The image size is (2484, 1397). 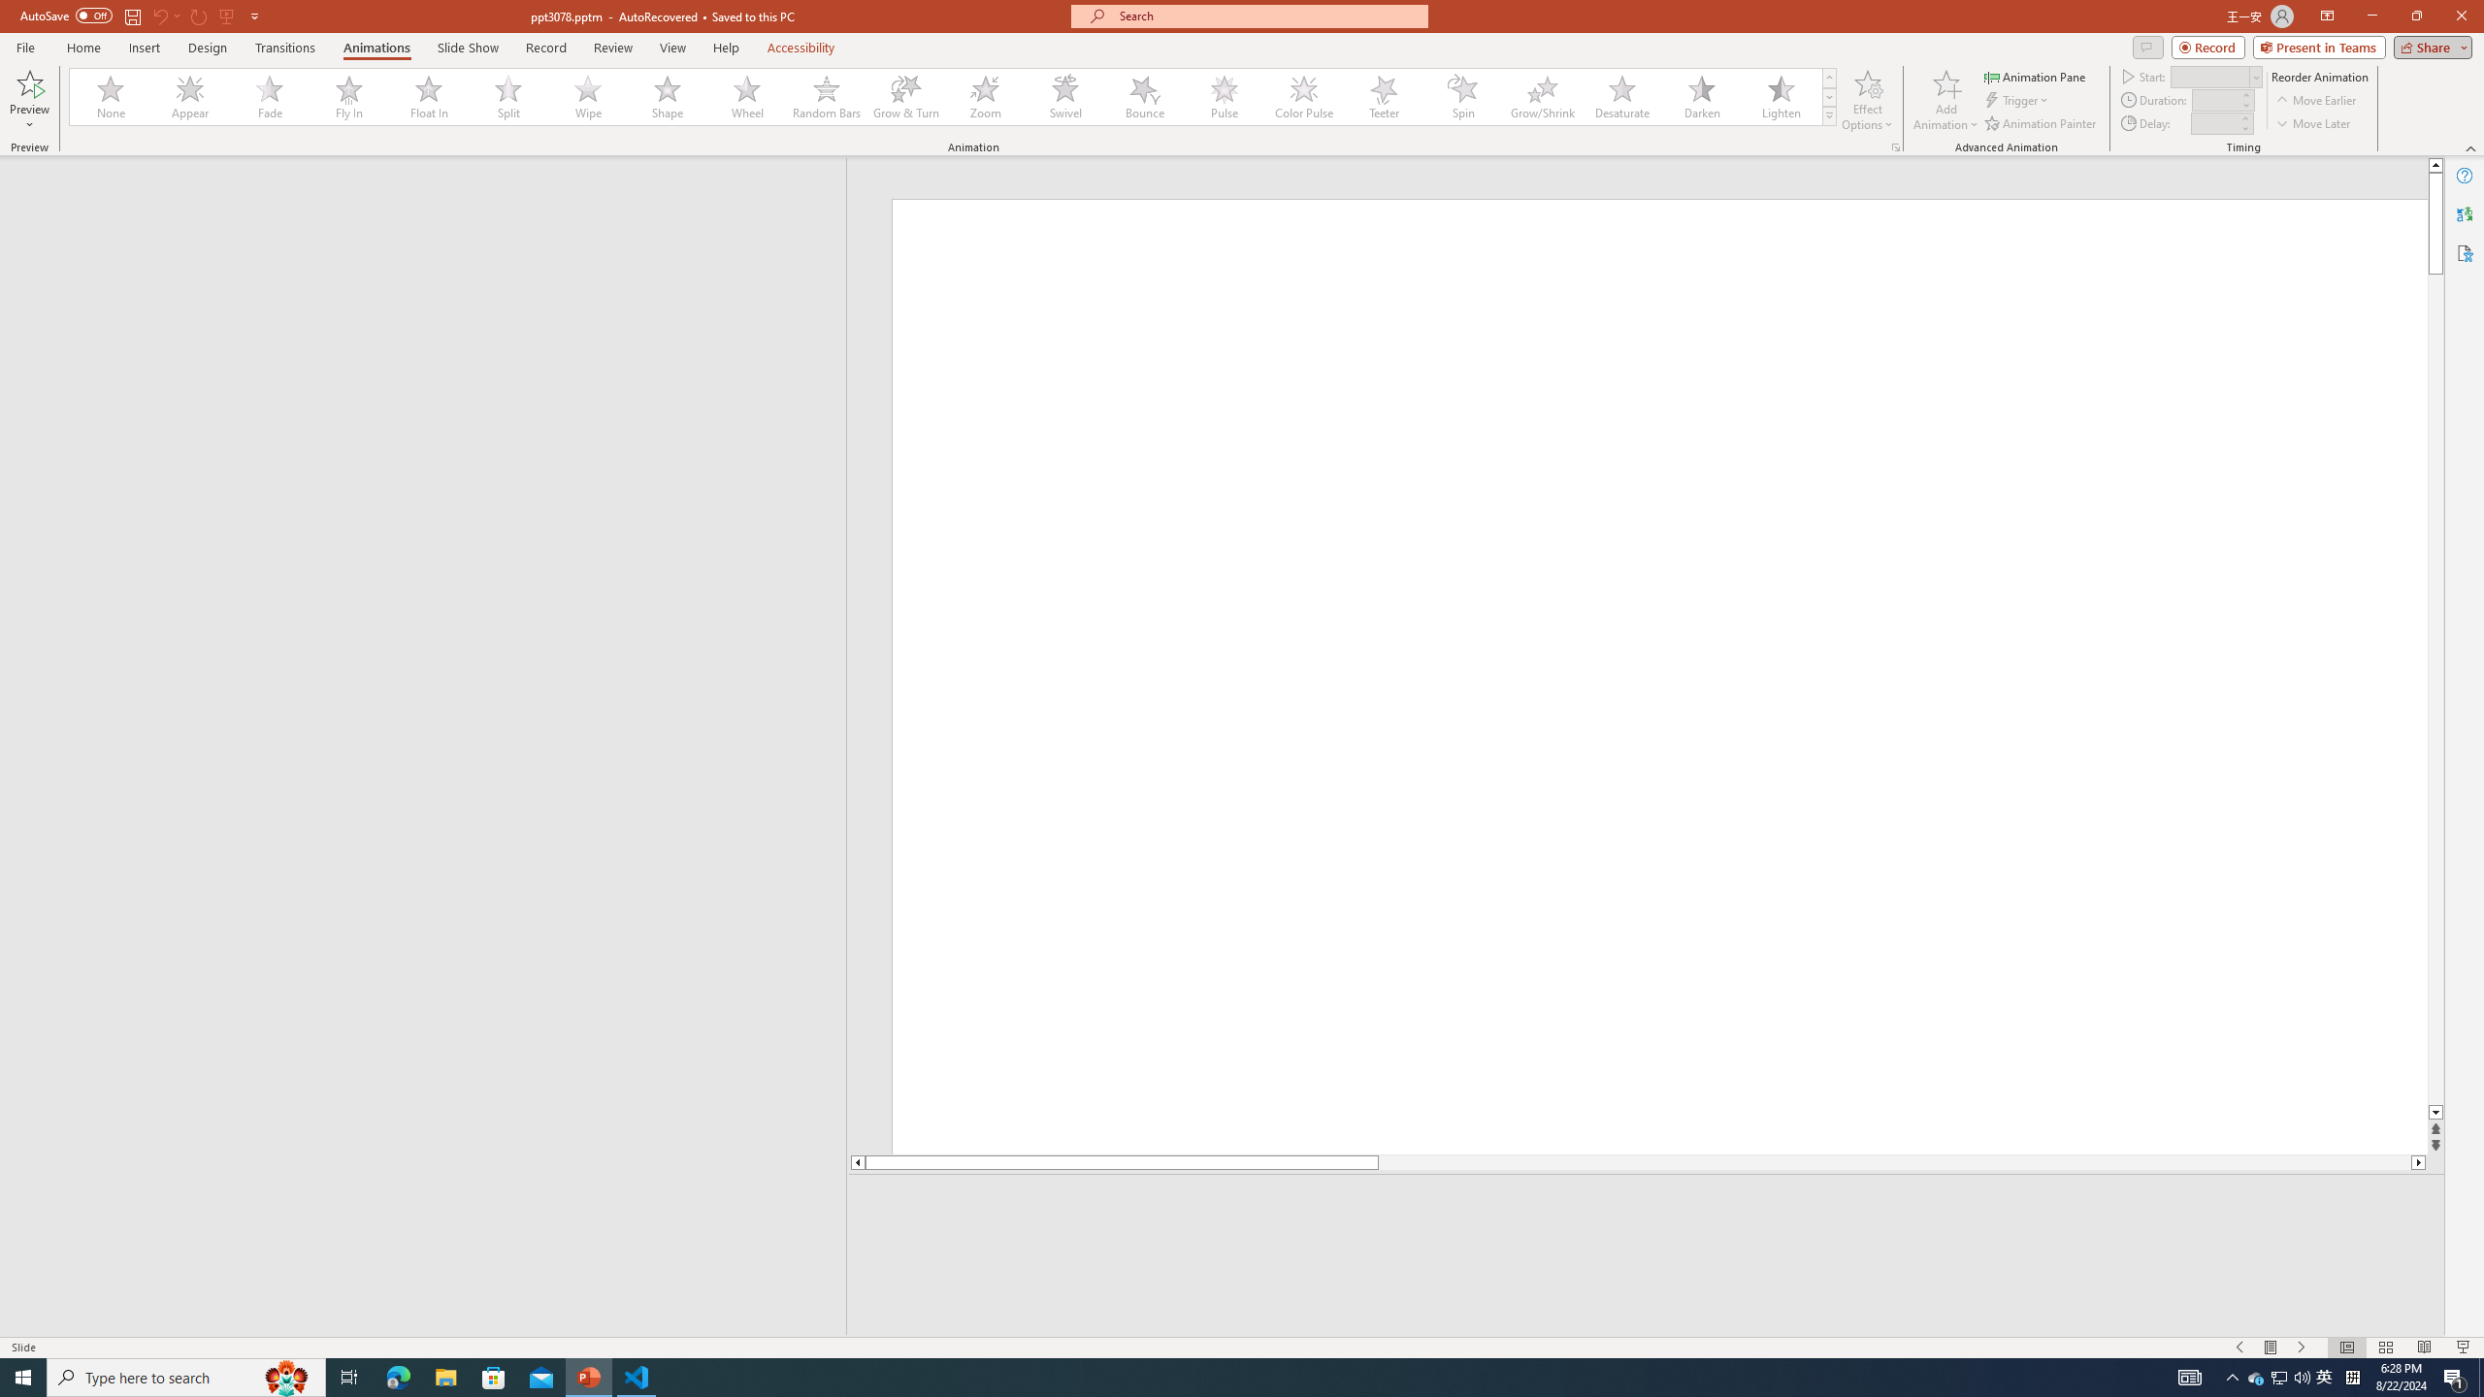 What do you see at coordinates (2017, 100) in the screenshot?
I see `'Trigger'` at bounding box center [2017, 100].